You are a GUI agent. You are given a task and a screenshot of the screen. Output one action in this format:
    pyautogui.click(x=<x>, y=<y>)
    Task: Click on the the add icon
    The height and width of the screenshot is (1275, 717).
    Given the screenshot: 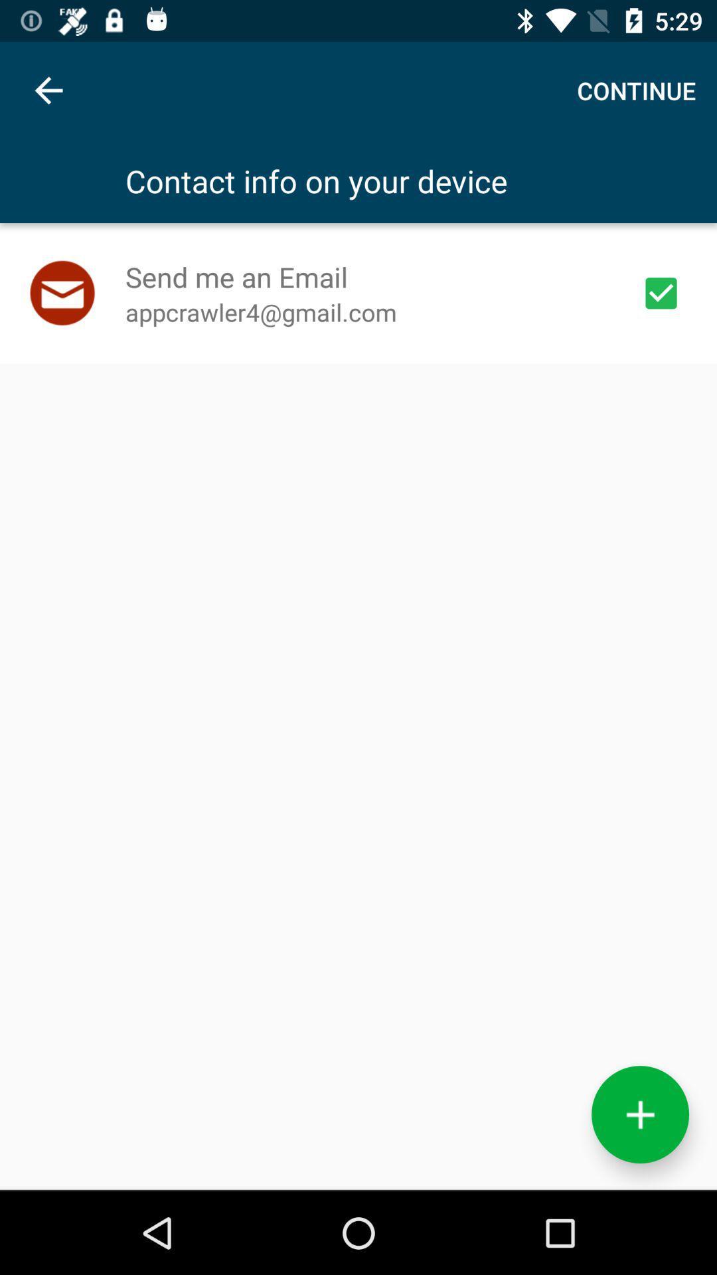 What is the action you would take?
    pyautogui.click(x=639, y=1114)
    